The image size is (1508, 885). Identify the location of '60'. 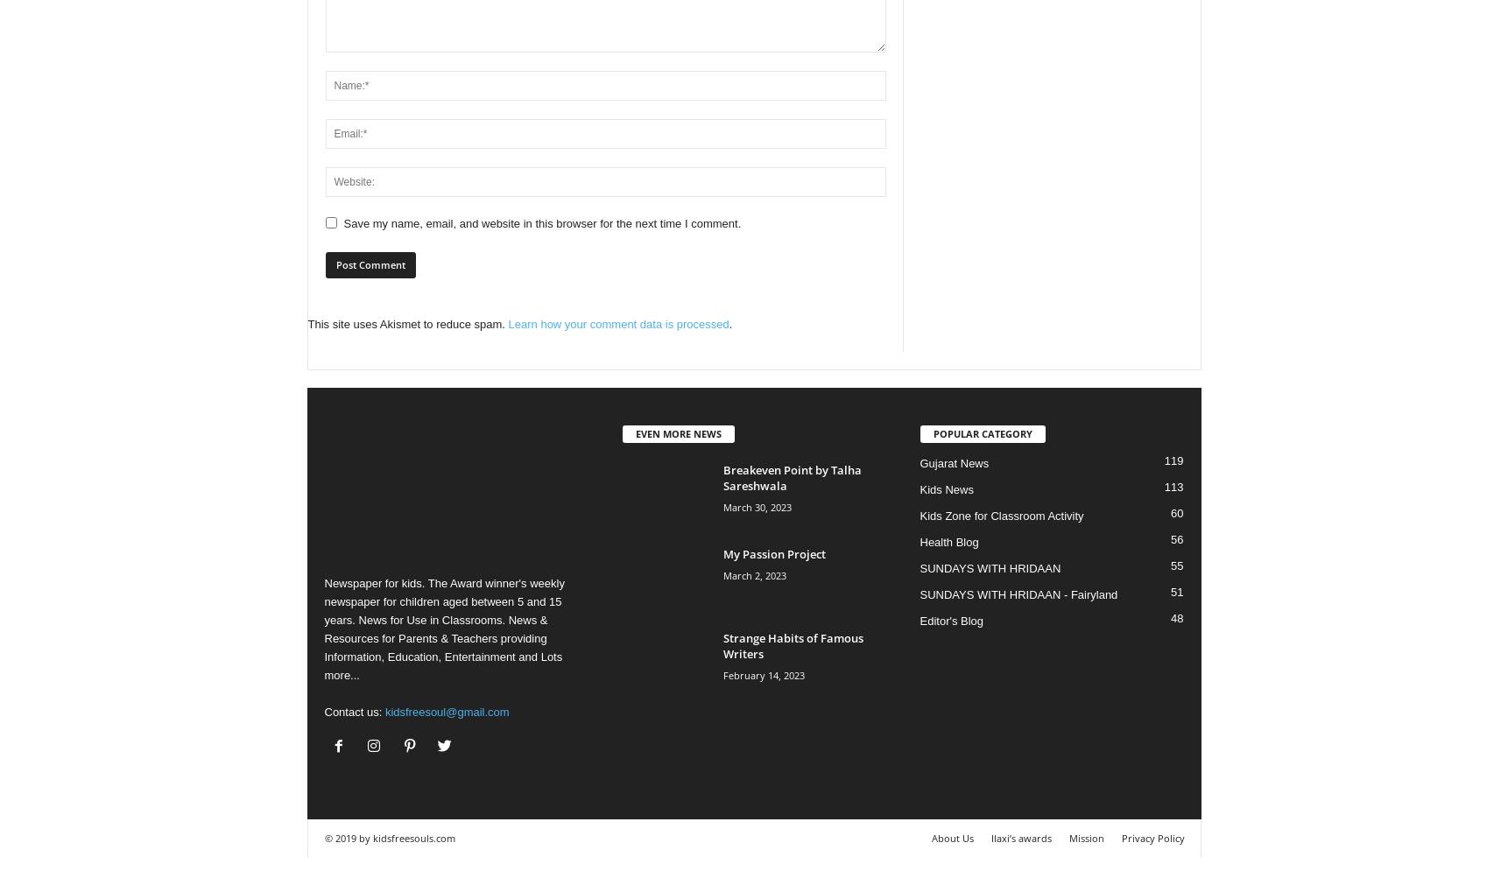
(1176, 512).